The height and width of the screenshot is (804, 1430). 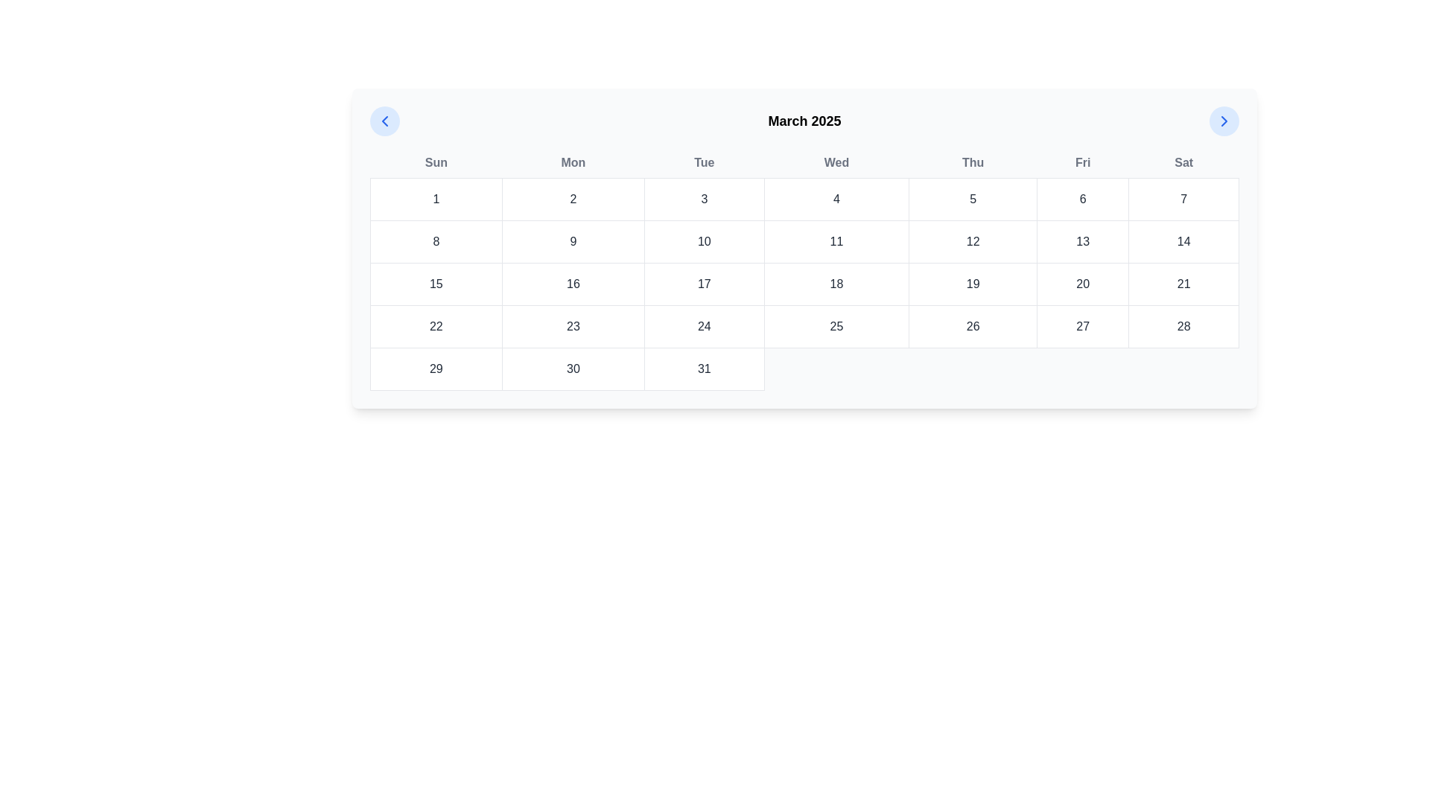 What do you see at coordinates (973, 240) in the screenshot?
I see `the selectable date button representing the 12th day of the month in the calendar interface` at bounding box center [973, 240].